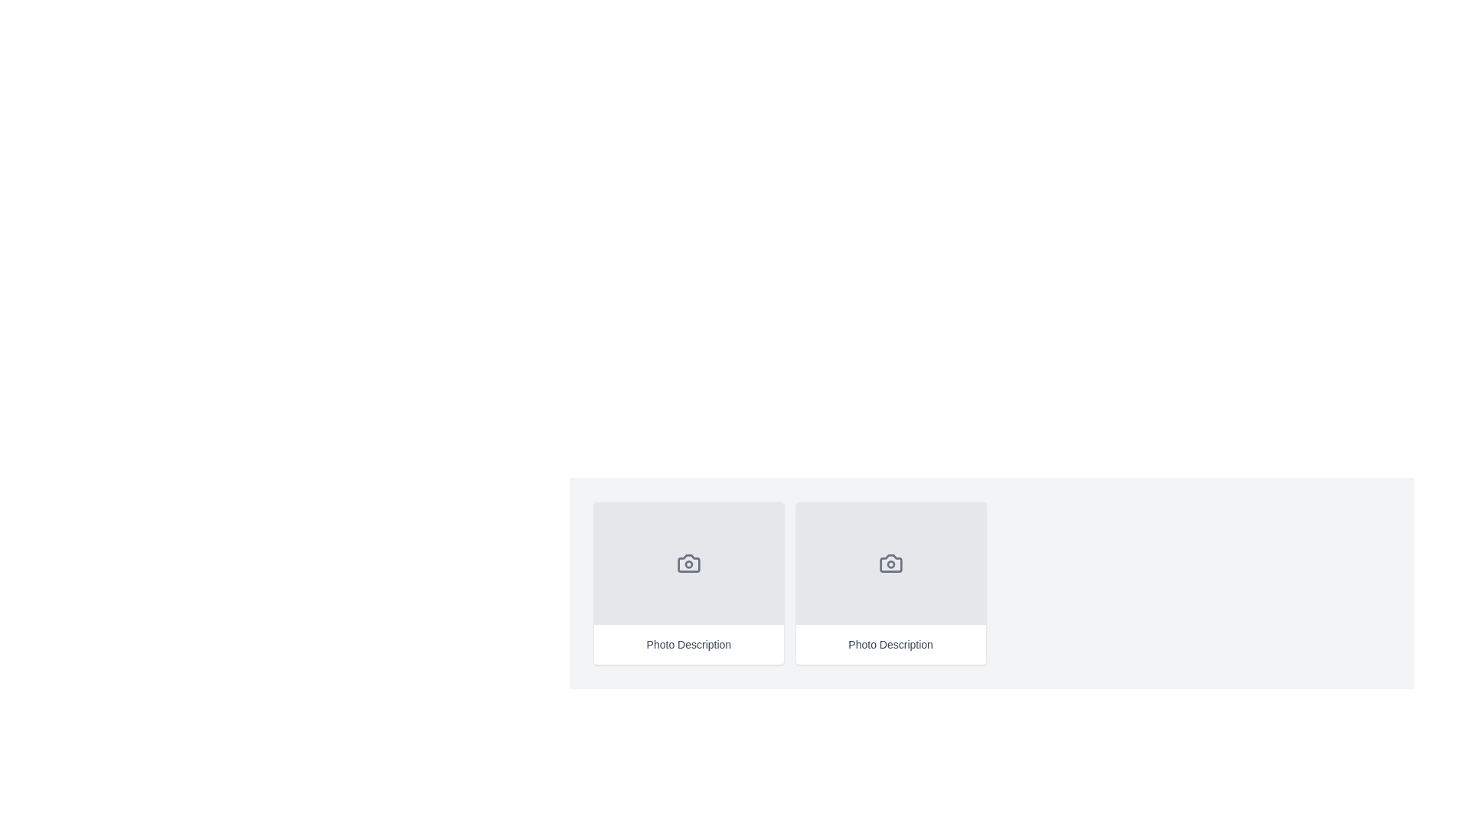 Image resolution: width=1470 pixels, height=827 pixels. Describe the element at coordinates (890, 644) in the screenshot. I see `the text label that serves as a descriptive caption for the image placeholder in the right card, positioned beneath the image` at that location.